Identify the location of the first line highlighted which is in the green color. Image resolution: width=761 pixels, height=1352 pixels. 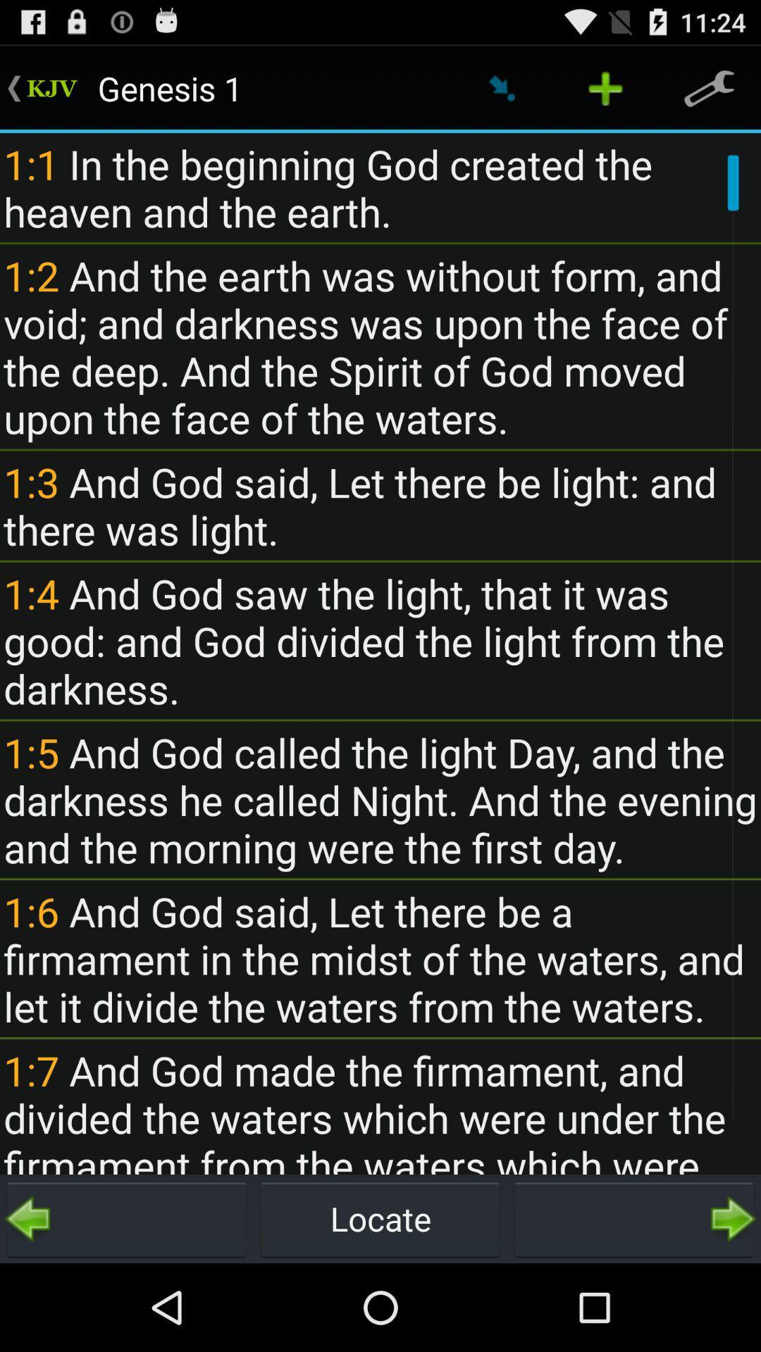
(51, 87).